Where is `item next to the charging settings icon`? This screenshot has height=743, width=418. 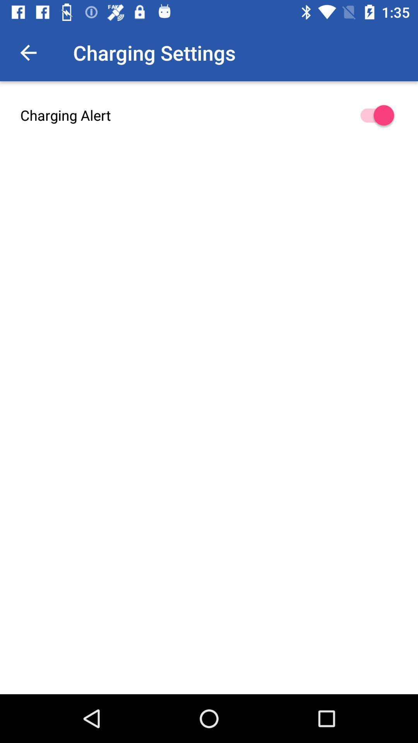
item next to the charging settings icon is located at coordinates (28, 52).